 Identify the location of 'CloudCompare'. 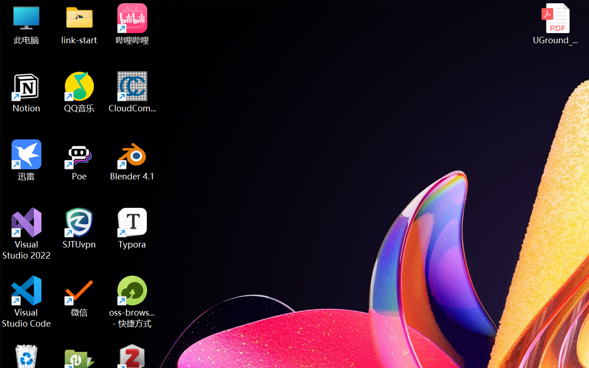
(132, 92).